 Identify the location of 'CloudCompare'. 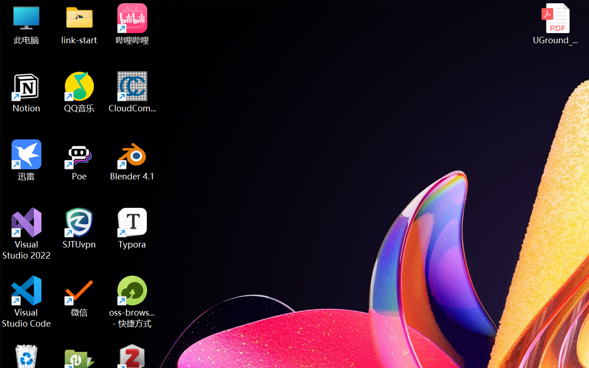
(132, 92).